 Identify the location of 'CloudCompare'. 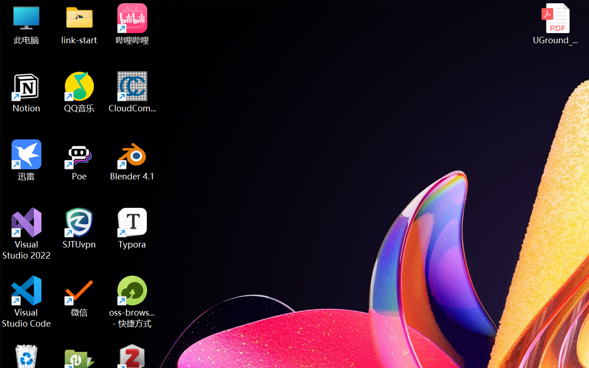
(132, 92).